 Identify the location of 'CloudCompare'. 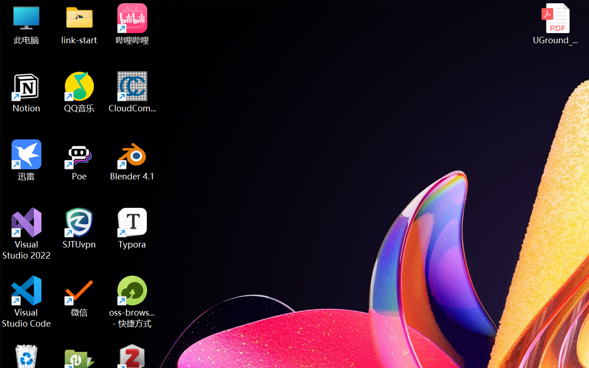
(132, 92).